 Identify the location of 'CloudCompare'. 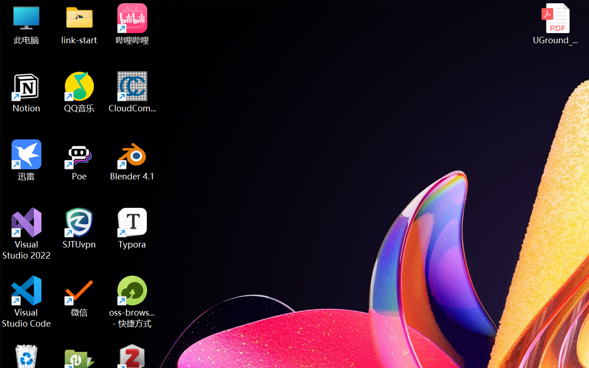
(132, 92).